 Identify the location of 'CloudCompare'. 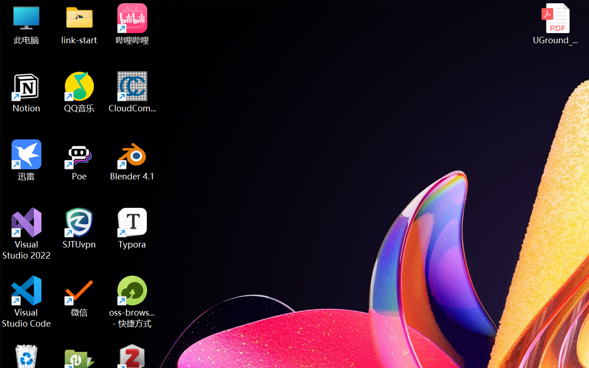
(132, 92).